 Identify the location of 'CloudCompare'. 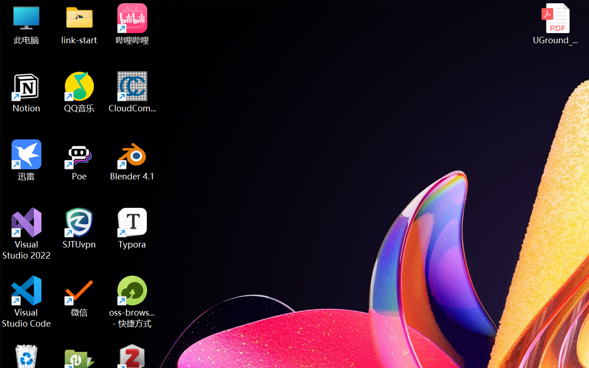
(132, 92).